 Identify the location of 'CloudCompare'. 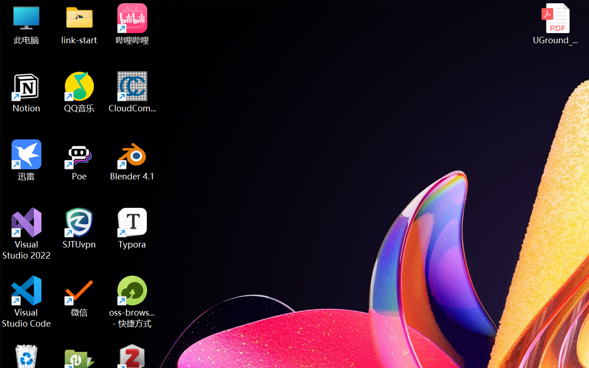
(132, 92).